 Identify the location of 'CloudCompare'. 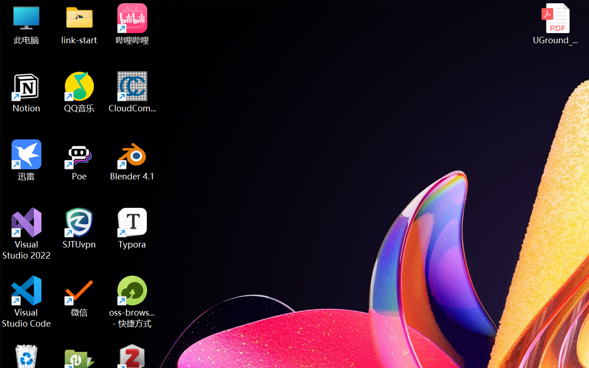
(132, 92).